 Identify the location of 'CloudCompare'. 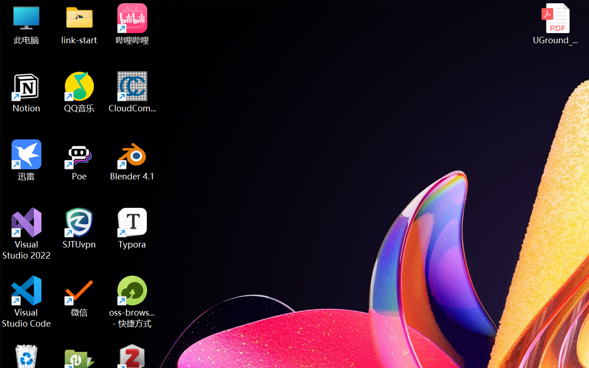
(132, 92).